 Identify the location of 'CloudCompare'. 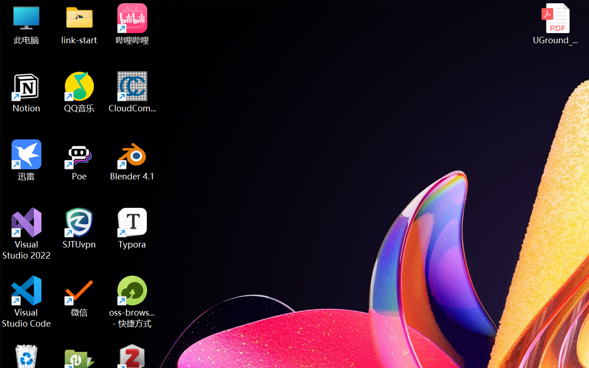
(132, 92).